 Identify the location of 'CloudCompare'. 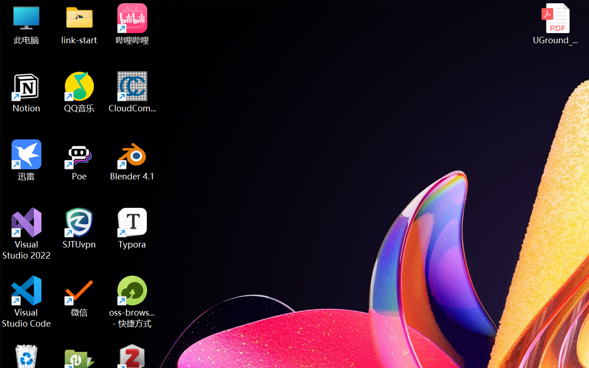
(132, 92).